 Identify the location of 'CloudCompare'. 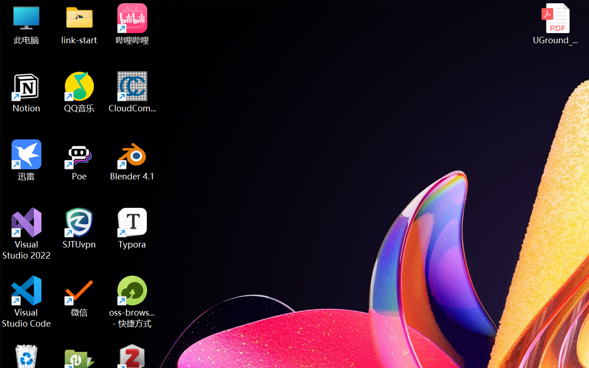
(132, 92).